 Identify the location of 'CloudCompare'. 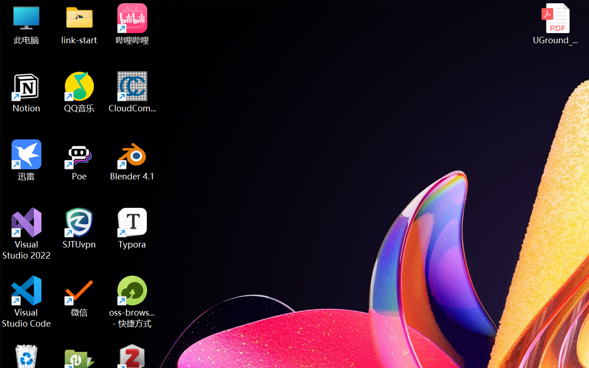
(132, 92).